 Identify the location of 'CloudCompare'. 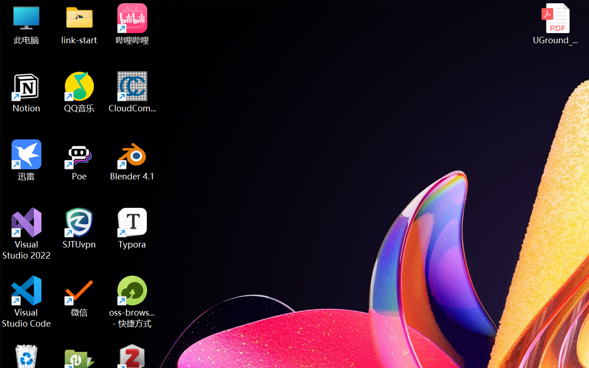
(132, 92).